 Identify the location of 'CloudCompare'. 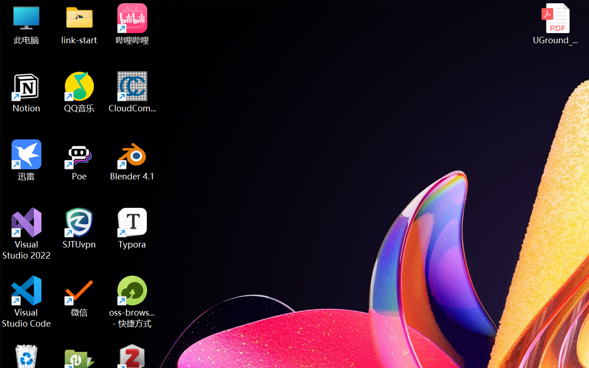
(132, 92).